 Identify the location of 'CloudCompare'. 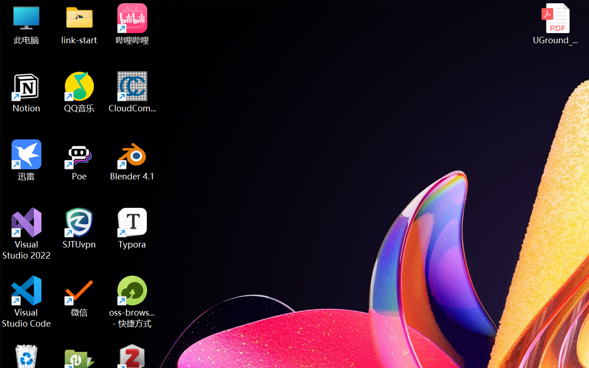
(132, 92).